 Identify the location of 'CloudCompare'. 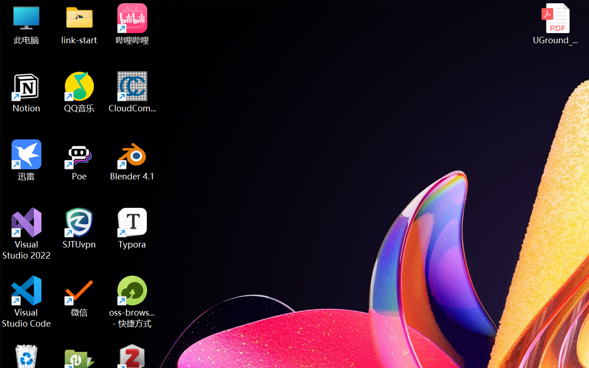
(132, 92).